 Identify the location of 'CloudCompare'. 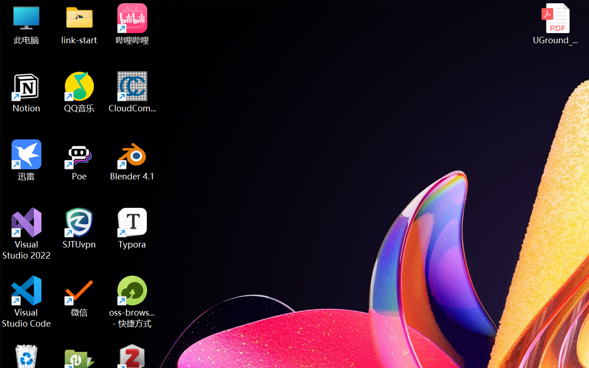
(132, 92).